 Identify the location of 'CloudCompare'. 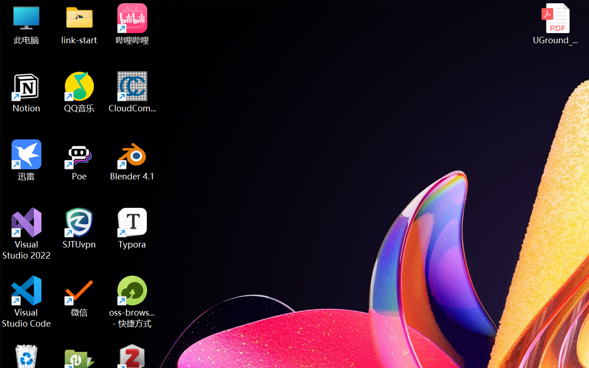
(132, 92).